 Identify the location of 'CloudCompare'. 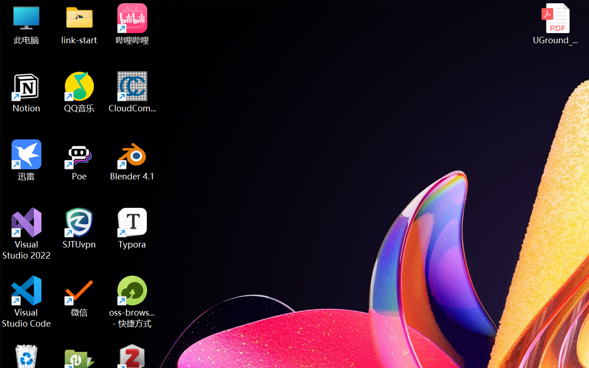
(132, 92).